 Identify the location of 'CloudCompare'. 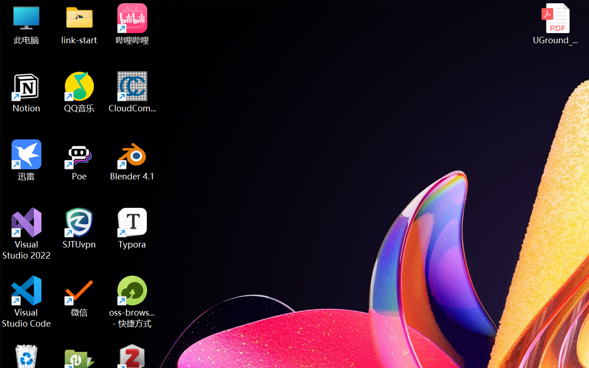
(132, 92).